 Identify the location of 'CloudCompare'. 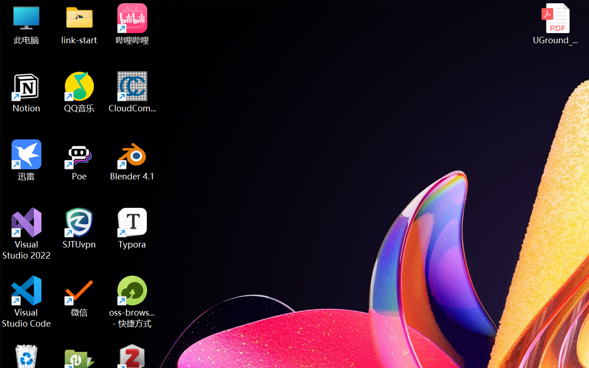
(132, 92).